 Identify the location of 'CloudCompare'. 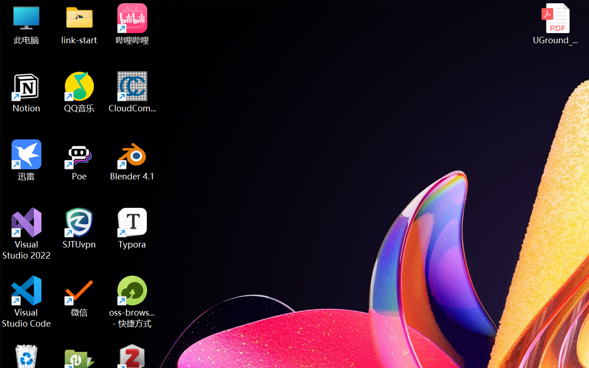
(132, 92).